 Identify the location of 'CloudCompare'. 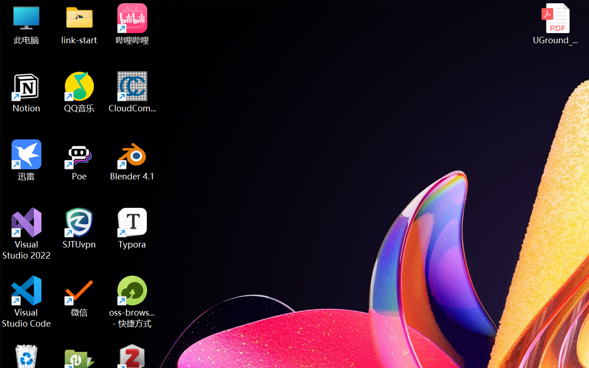
(132, 92).